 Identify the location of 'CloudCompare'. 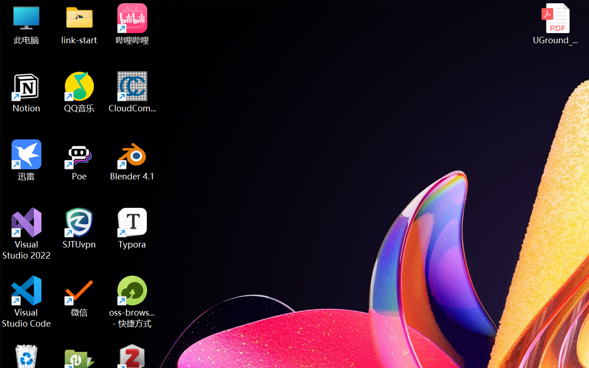
(132, 92).